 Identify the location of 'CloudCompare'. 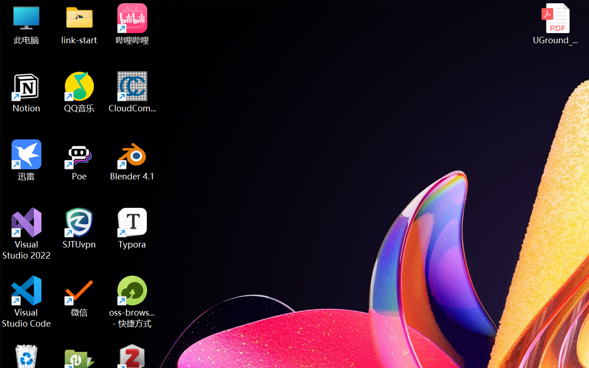
(132, 92).